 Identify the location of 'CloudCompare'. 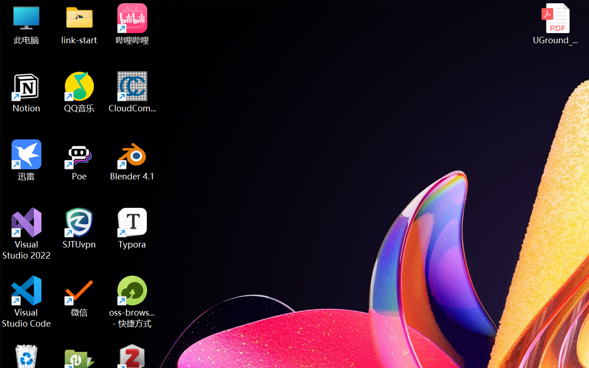
(132, 92).